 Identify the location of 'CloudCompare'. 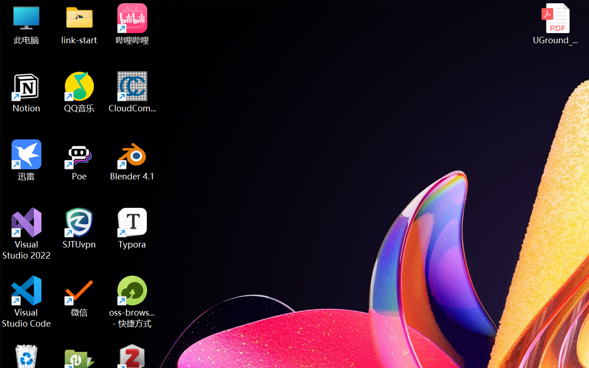
(132, 92).